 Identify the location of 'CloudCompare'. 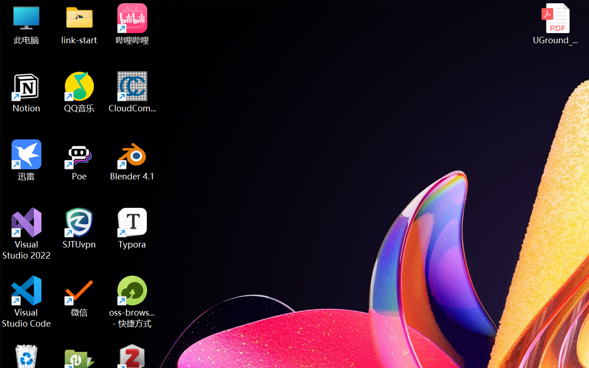
(132, 92).